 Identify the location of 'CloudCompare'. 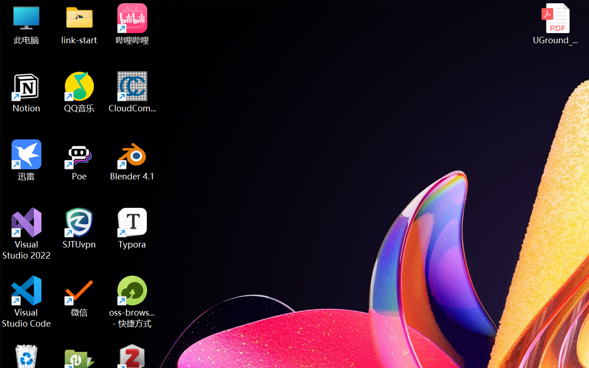
(132, 92).